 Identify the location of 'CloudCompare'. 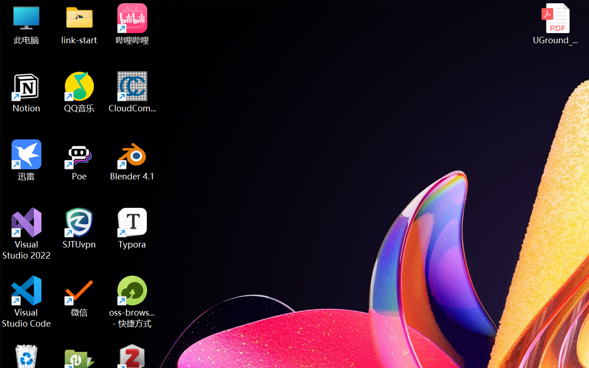
(132, 92).